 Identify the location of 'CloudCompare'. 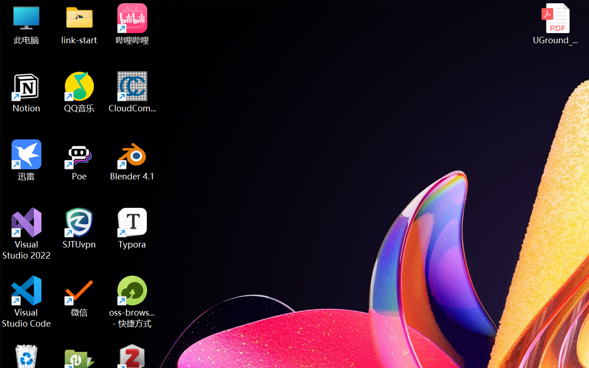
(132, 92).